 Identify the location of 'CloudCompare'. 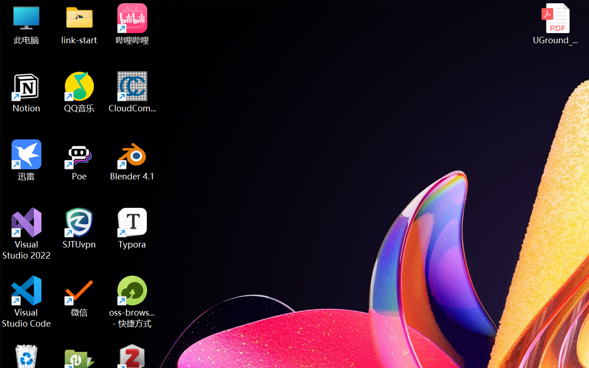
(132, 92).